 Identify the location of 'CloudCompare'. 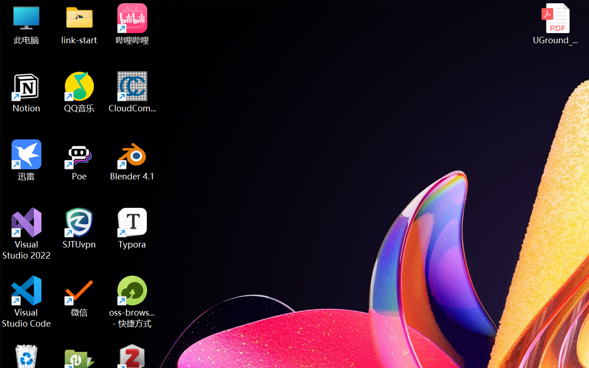
(132, 92).